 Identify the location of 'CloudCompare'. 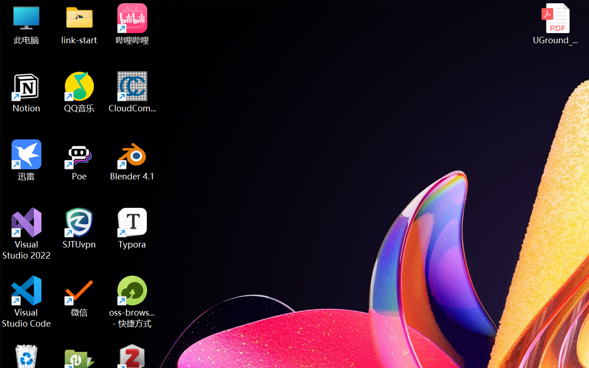
(132, 92).